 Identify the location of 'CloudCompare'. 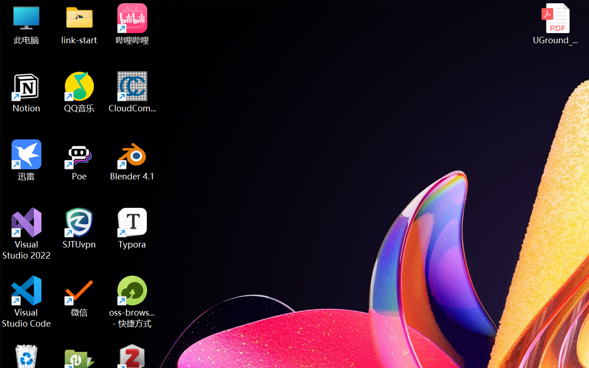
(132, 92).